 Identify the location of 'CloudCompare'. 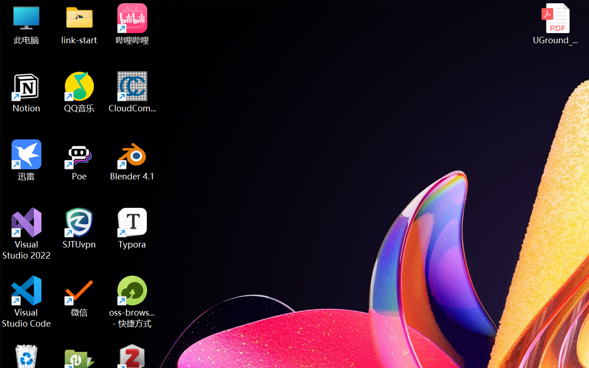
(132, 92).